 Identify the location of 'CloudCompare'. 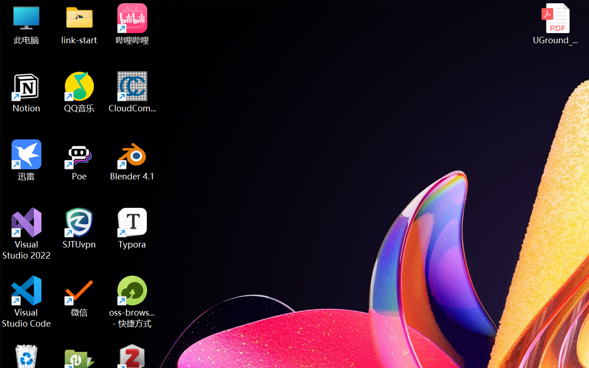
(132, 92).